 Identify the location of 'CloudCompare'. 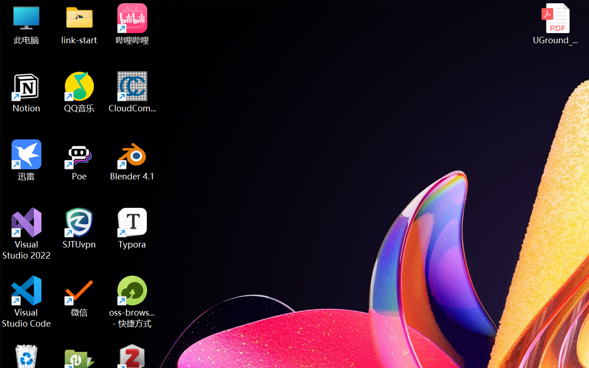
(132, 92).